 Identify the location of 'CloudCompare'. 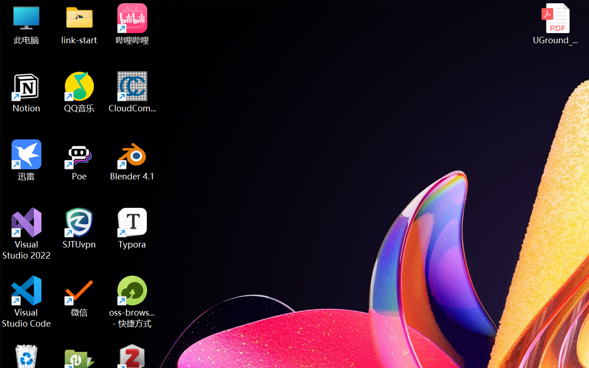
(132, 92).